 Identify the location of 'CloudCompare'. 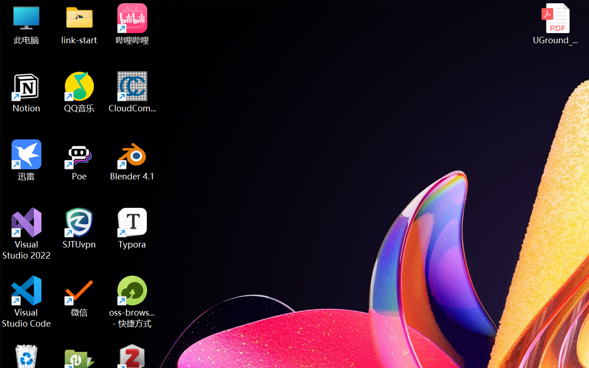
(132, 92).